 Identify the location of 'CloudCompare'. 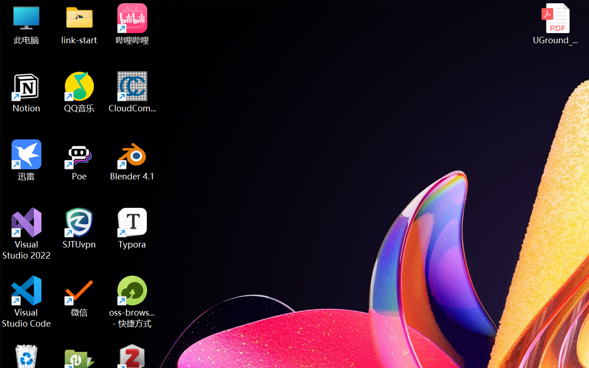
(132, 92).